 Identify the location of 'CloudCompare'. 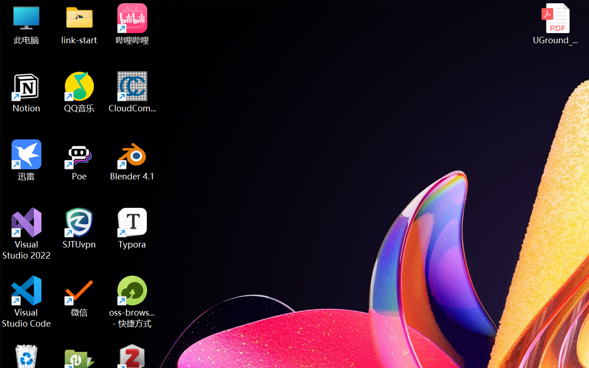
(132, 92).